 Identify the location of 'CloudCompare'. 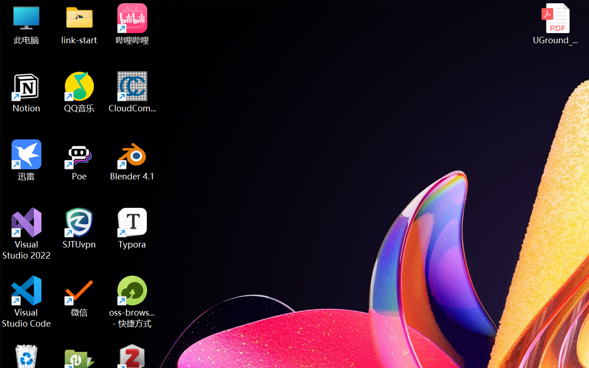
(132, 92).